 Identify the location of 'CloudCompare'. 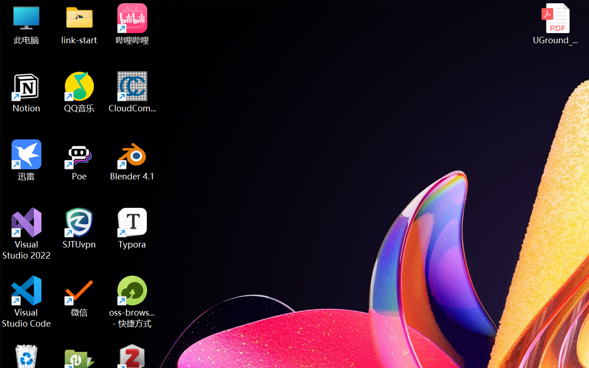
(132, 92).